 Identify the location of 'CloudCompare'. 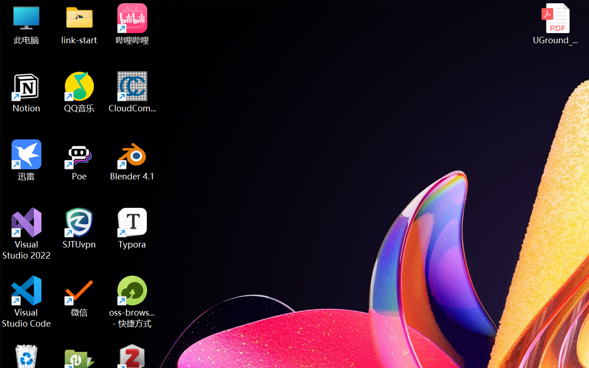
(132, 92).